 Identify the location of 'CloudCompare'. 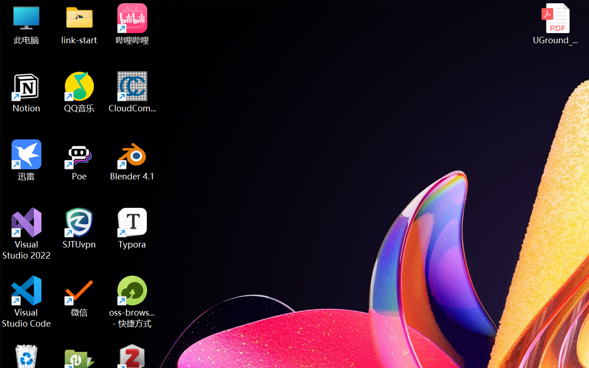
(132, 92).